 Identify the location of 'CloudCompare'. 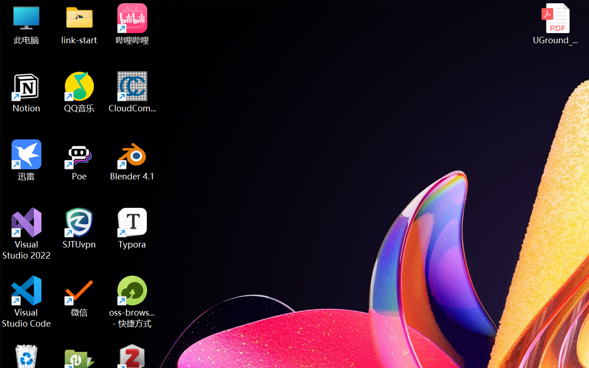
(132, 92).